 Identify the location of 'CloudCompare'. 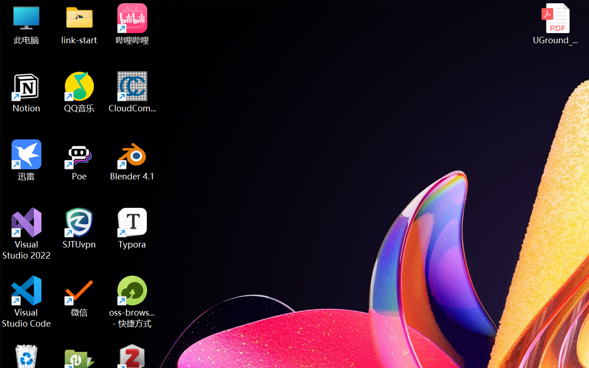
(132, 92).